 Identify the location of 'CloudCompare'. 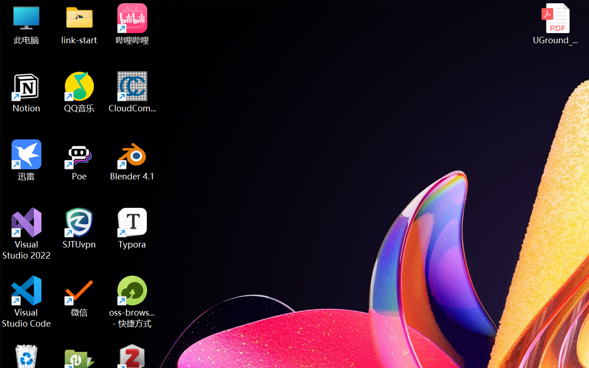
(132, 92).